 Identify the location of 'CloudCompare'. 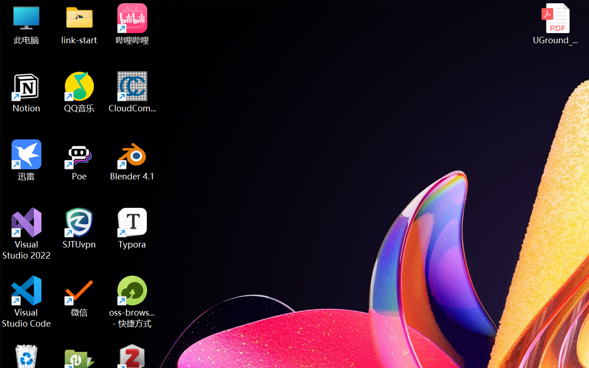
(132, 92).